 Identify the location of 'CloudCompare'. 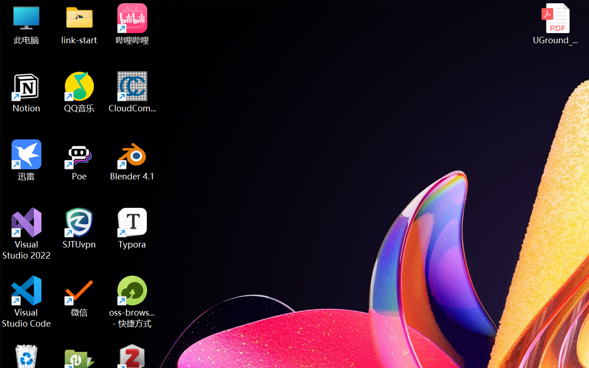
(132, 92).